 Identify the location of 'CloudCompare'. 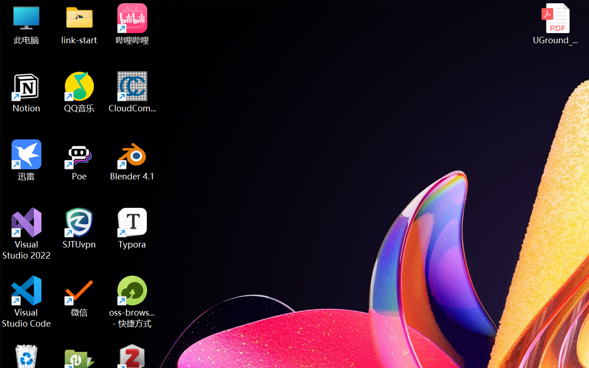
(132, 92).